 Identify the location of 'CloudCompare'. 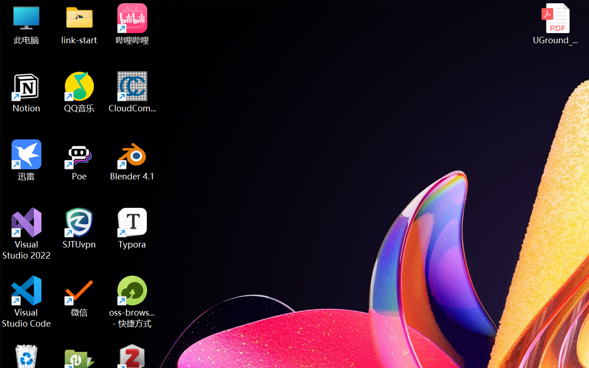
(132, 92).